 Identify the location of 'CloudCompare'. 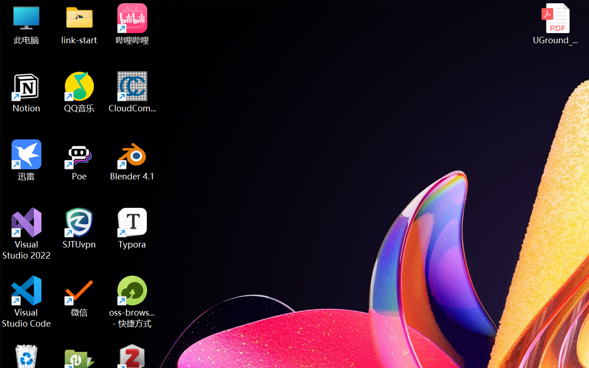
(132, 92).